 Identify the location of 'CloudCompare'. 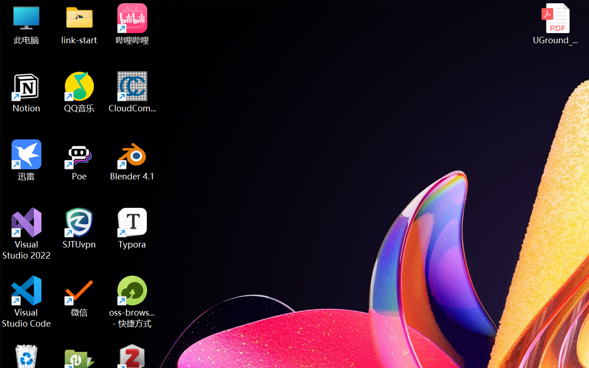
(132, 92).